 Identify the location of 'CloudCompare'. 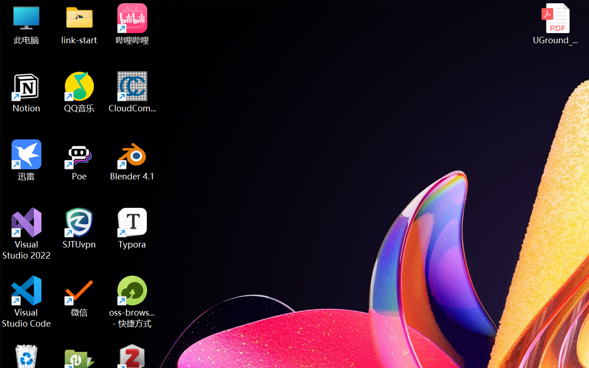
(132, 92).